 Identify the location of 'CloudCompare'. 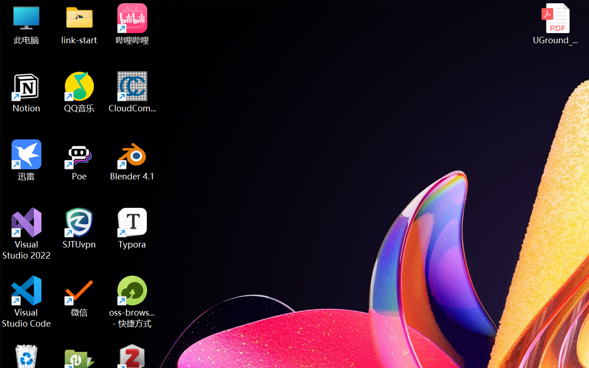
(132, 92).